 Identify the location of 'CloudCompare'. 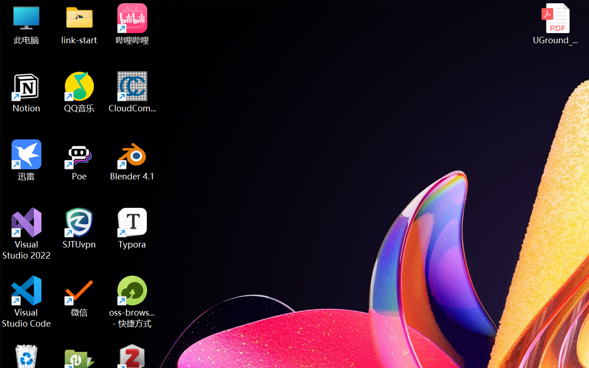
(132, 92).